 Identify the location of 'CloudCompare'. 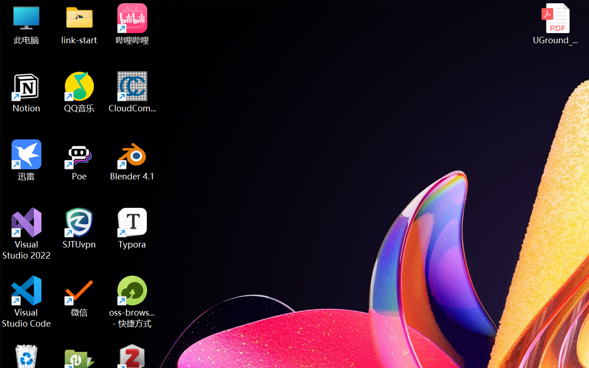
(132, 92).